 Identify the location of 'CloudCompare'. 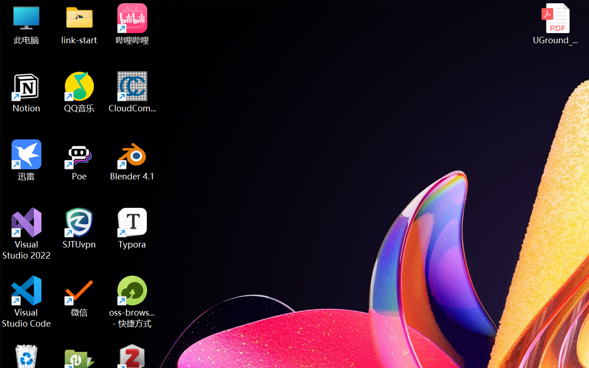
(132, 92).